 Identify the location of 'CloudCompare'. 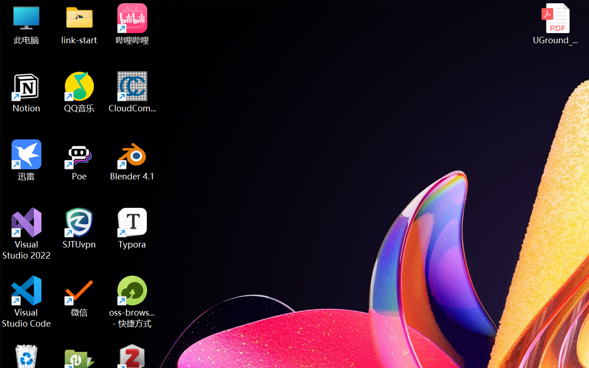
(132, 92).